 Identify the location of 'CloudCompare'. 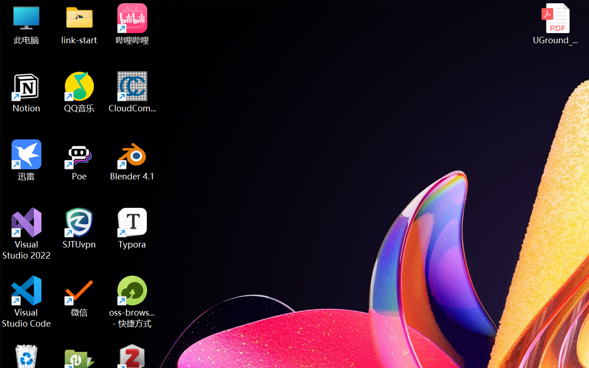
(132, 92).